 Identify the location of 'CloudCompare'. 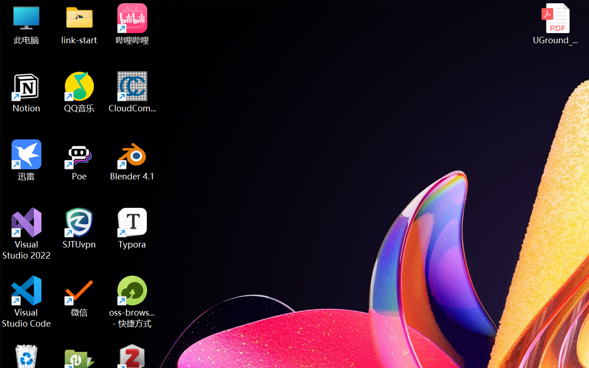
(132, 92).